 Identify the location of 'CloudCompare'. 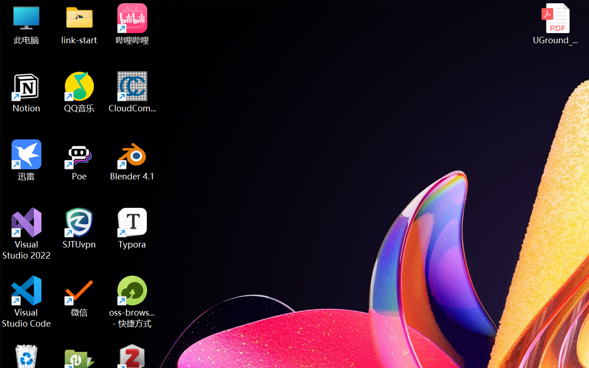
(132, 92).